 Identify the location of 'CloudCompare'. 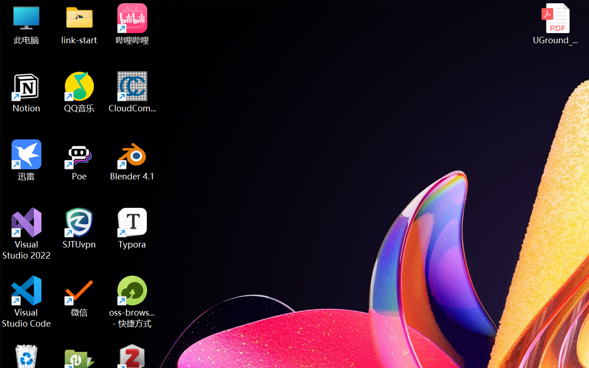
(132, 92).